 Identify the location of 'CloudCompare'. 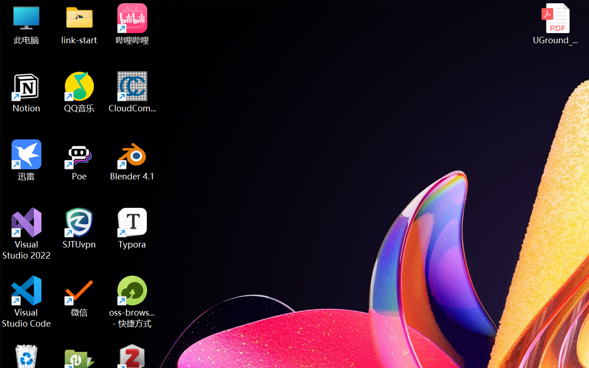
(132, 92).